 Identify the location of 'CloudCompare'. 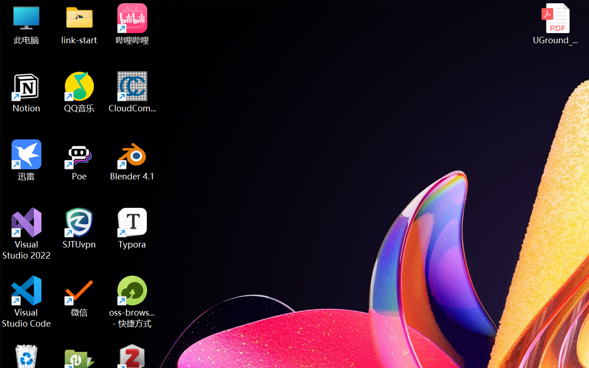
(132, 92).